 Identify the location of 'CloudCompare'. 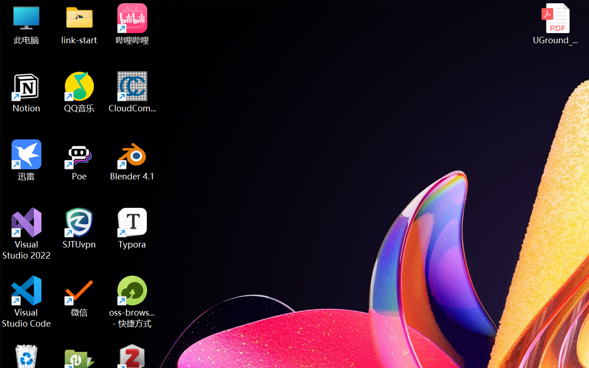
(132, 92).